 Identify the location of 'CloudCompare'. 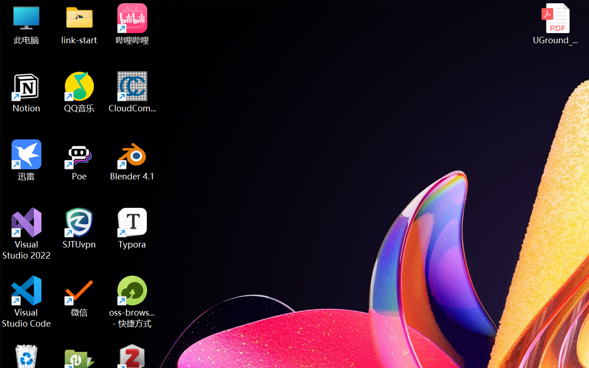
(132, 92).